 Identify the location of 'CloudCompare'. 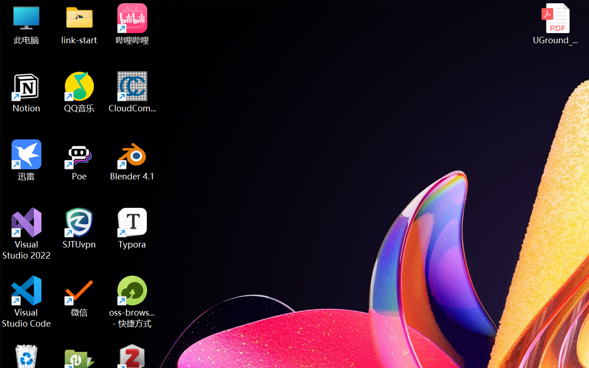
(132, 92).